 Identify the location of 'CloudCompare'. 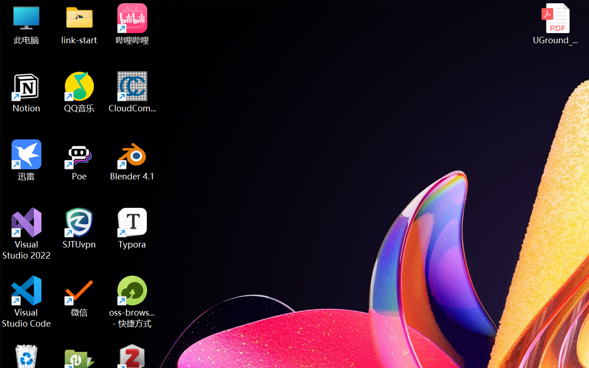
(132, 92).